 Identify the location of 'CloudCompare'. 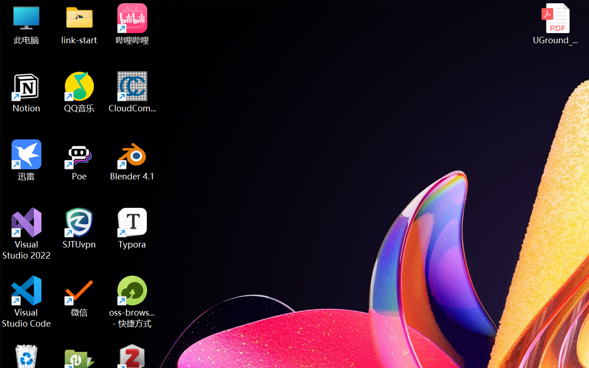
(132, 92).